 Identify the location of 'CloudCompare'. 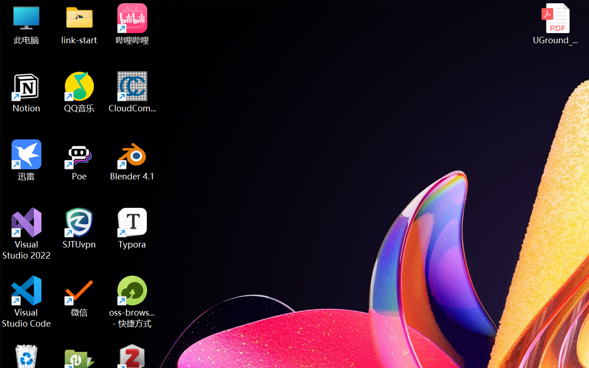
(132, 92).